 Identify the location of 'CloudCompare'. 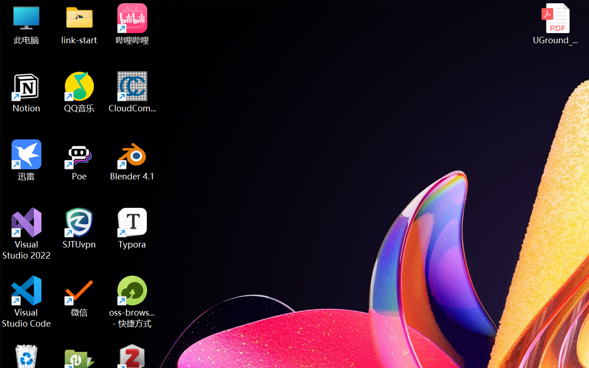
(132, 92).